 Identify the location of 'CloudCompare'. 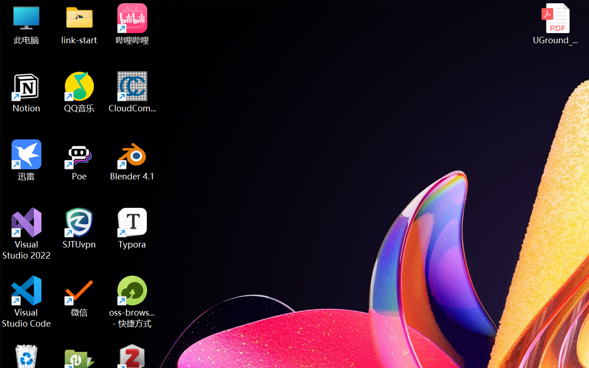
(132, 92).